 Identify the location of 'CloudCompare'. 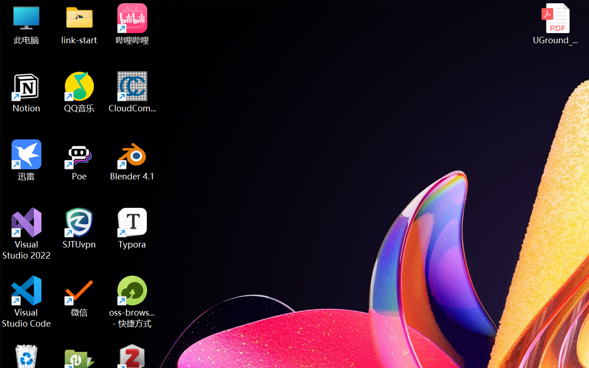
(132, 92).